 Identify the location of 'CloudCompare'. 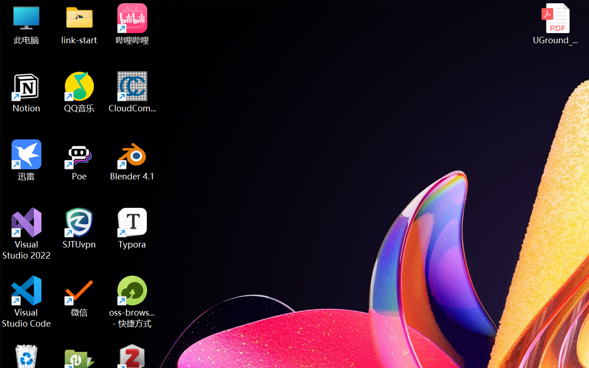
(132, 92).